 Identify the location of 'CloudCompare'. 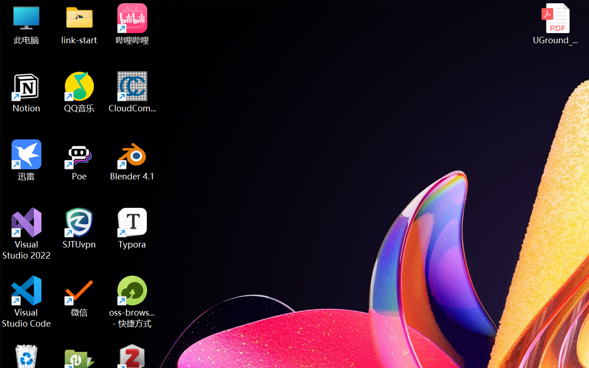
(132, 92).